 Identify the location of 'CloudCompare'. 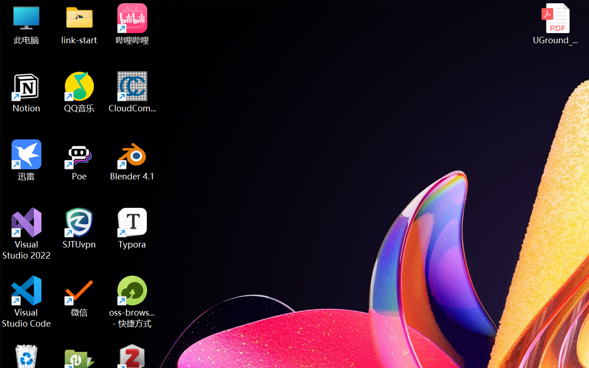
(132, 92).